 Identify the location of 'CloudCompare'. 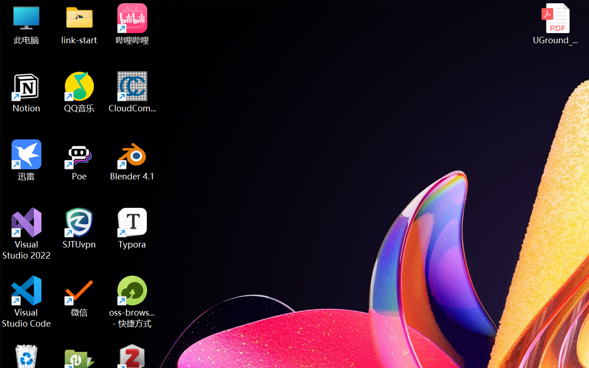
(132, 92).